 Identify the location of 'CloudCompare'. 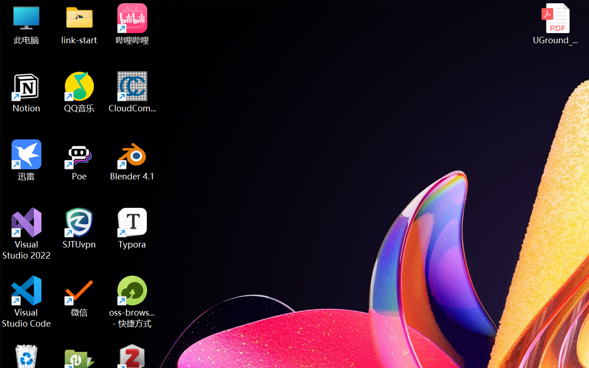
(132, 92).